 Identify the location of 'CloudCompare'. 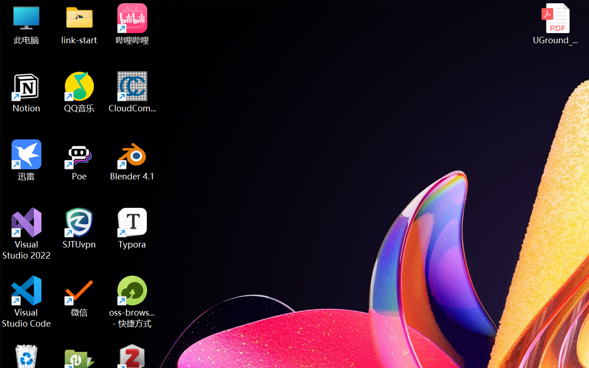
(132, 92).